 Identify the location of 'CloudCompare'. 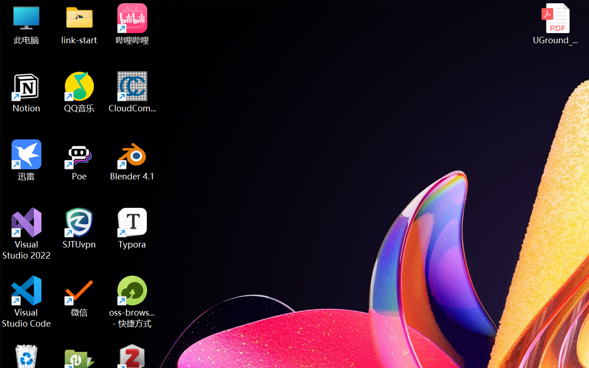
(132, 92).